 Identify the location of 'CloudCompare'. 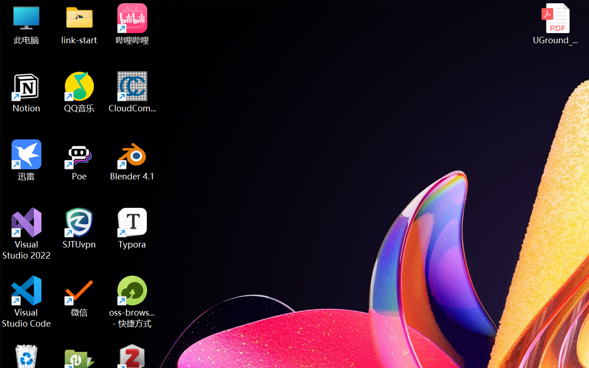
(132, 92).